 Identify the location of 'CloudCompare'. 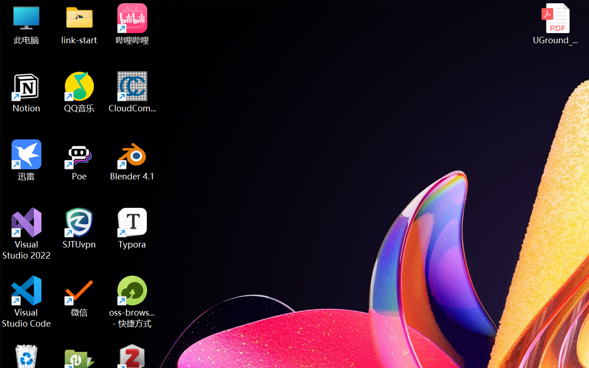
(132, 92).